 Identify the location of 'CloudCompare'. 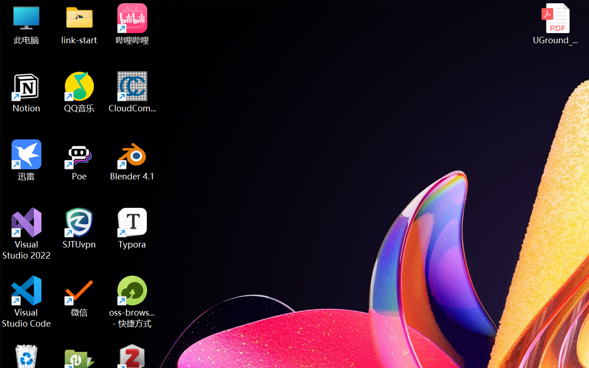
(132, 92).